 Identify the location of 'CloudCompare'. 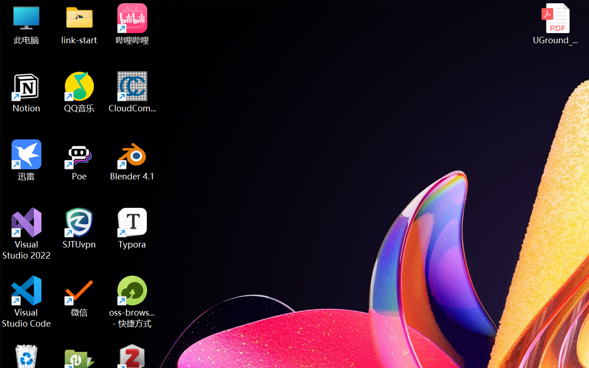
(132, 92).